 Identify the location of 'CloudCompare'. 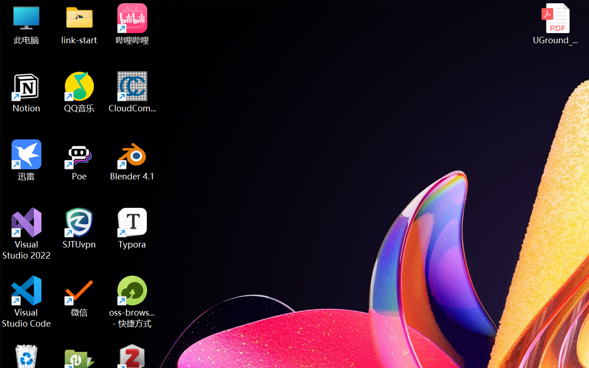
(132, 92).